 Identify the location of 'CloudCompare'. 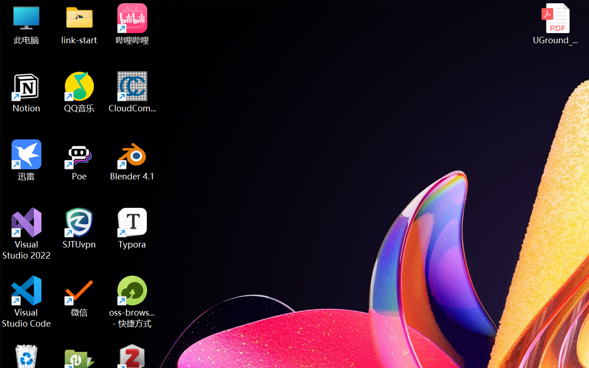
(132, 92).